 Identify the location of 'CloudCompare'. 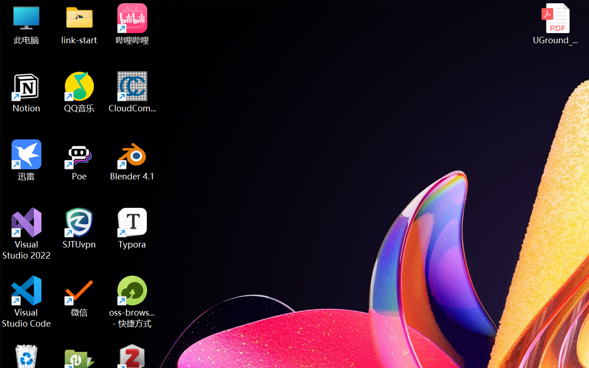
(132, 92).